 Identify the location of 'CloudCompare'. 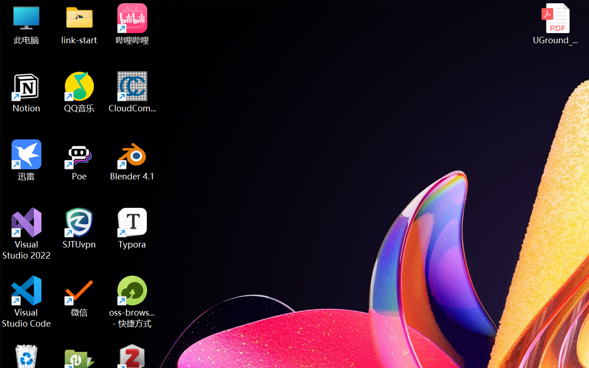
(132, 92).